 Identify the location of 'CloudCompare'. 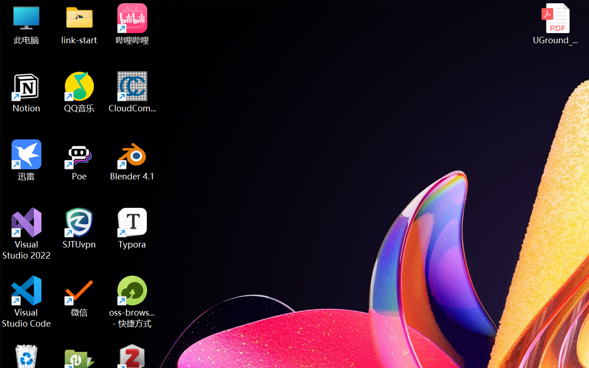
(132, 92).